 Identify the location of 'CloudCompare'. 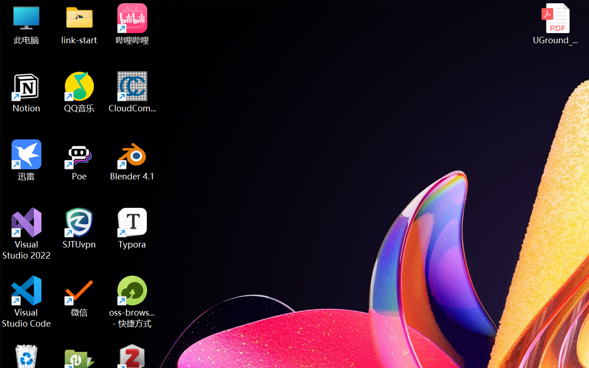
(132, 92).